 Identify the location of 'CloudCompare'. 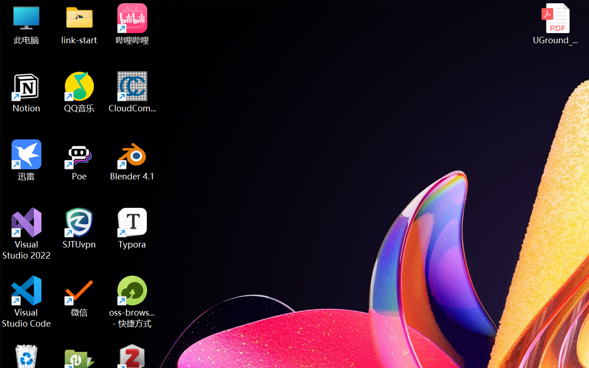
(132, 92).